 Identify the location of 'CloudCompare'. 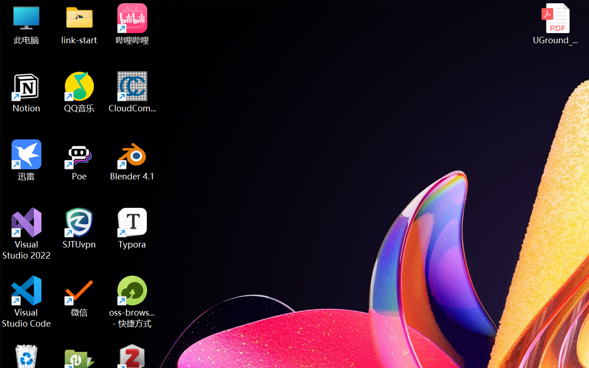
(132, 92).